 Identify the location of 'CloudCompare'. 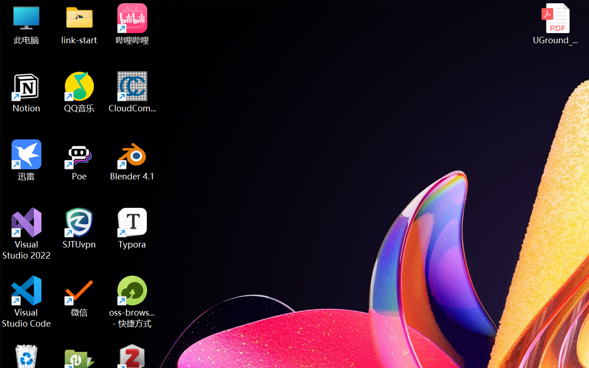
(132, 92).